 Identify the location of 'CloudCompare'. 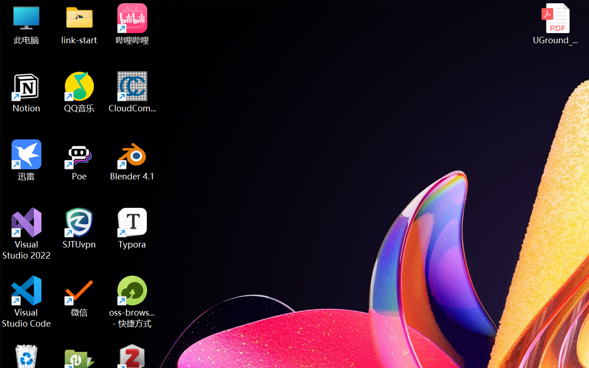
(132, 92).